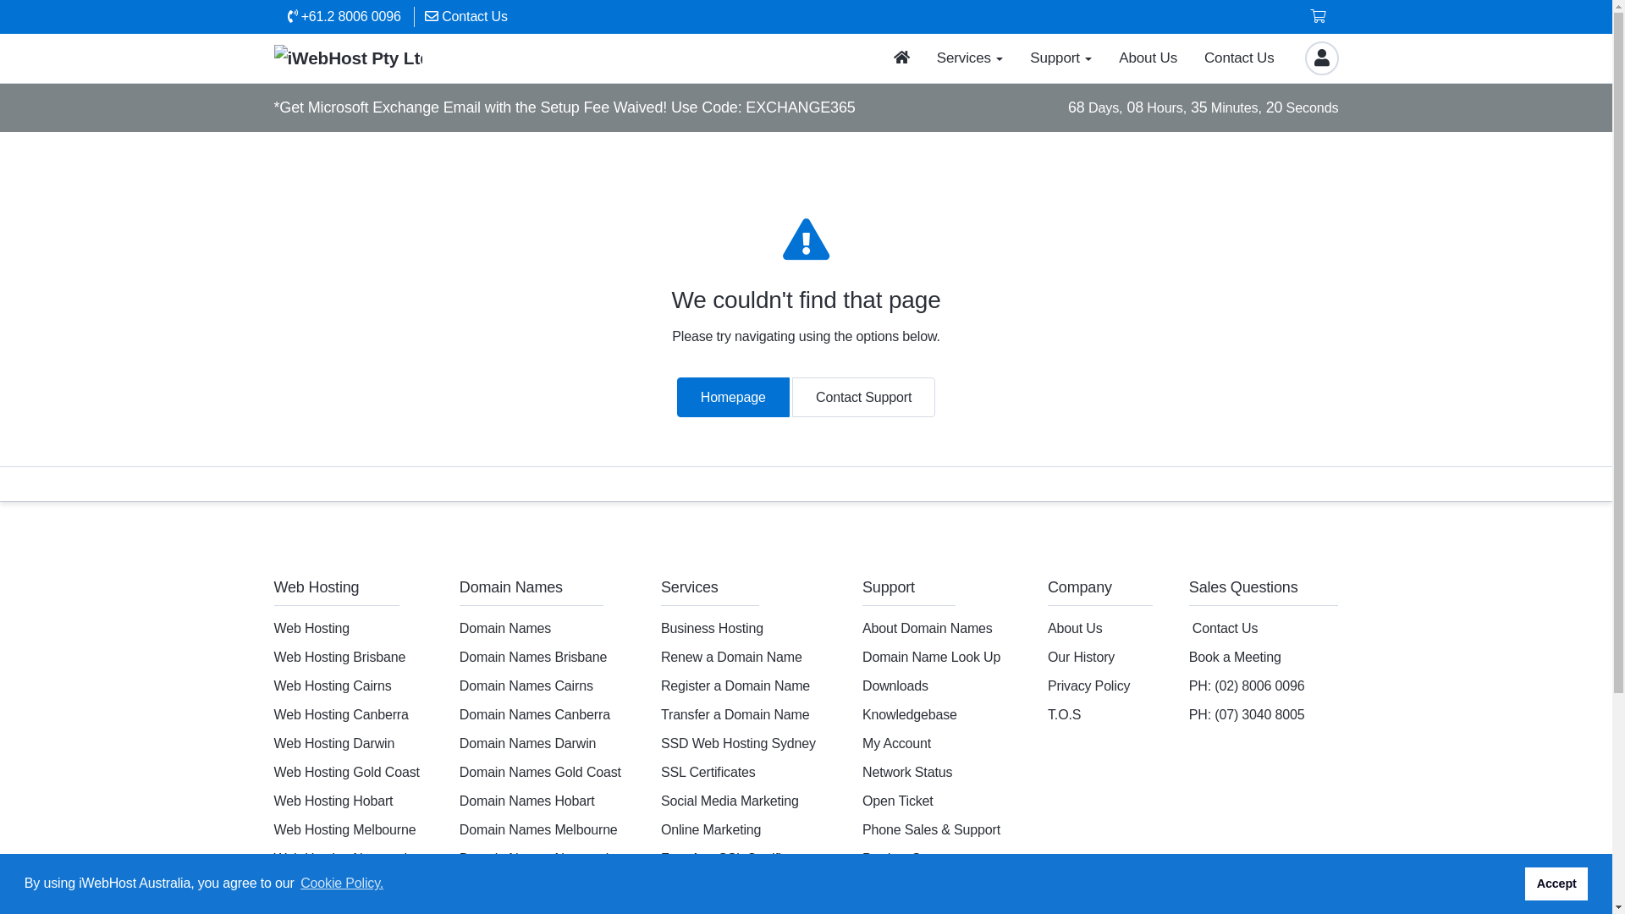  What do you see at coordinates (862, 742) in the screenshot?
I see `'My Account'` at bounding box center [862, 742].